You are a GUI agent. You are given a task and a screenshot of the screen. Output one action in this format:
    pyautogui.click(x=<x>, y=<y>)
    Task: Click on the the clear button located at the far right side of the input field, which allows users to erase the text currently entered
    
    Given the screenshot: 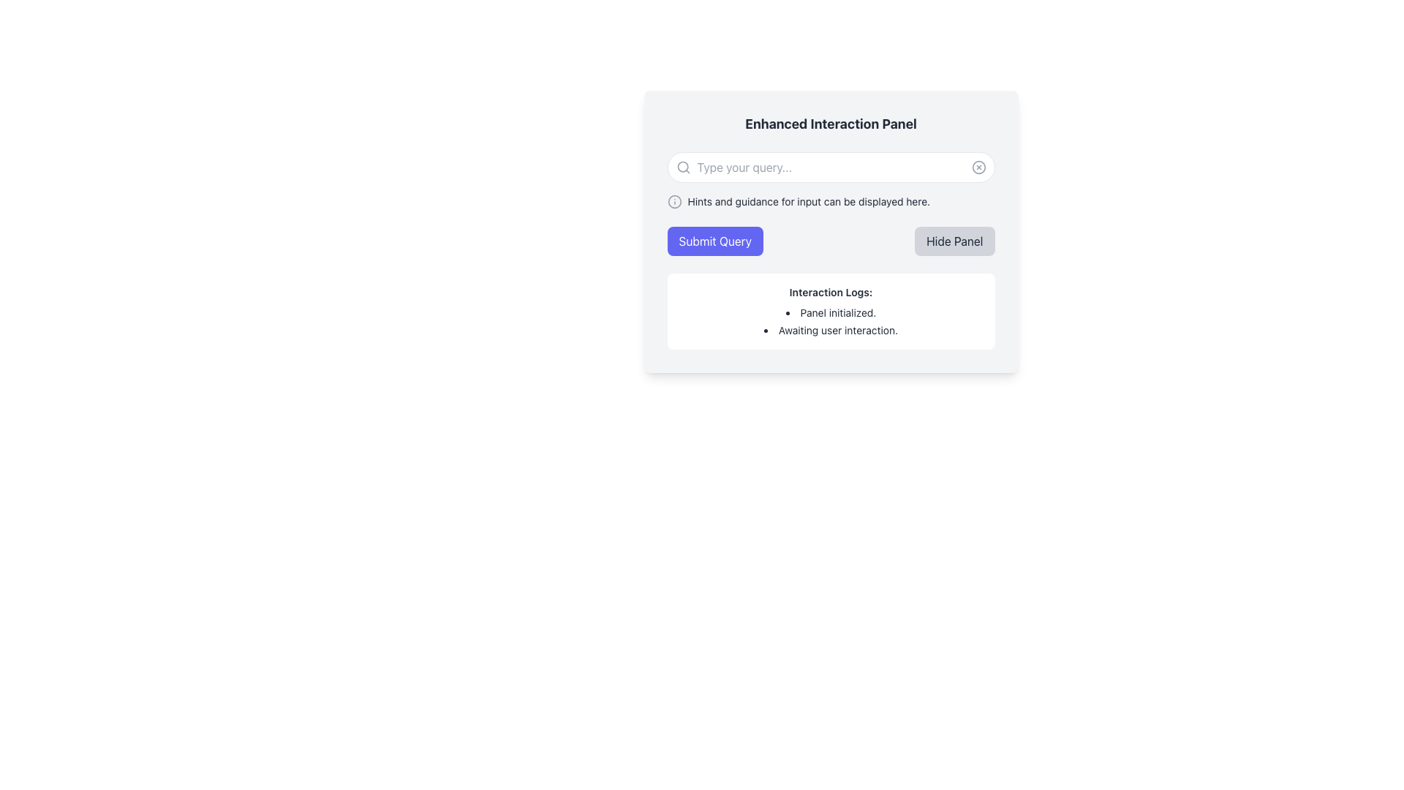 What is the action you would take?
    pyautogui.click(x=978, y=166)
    